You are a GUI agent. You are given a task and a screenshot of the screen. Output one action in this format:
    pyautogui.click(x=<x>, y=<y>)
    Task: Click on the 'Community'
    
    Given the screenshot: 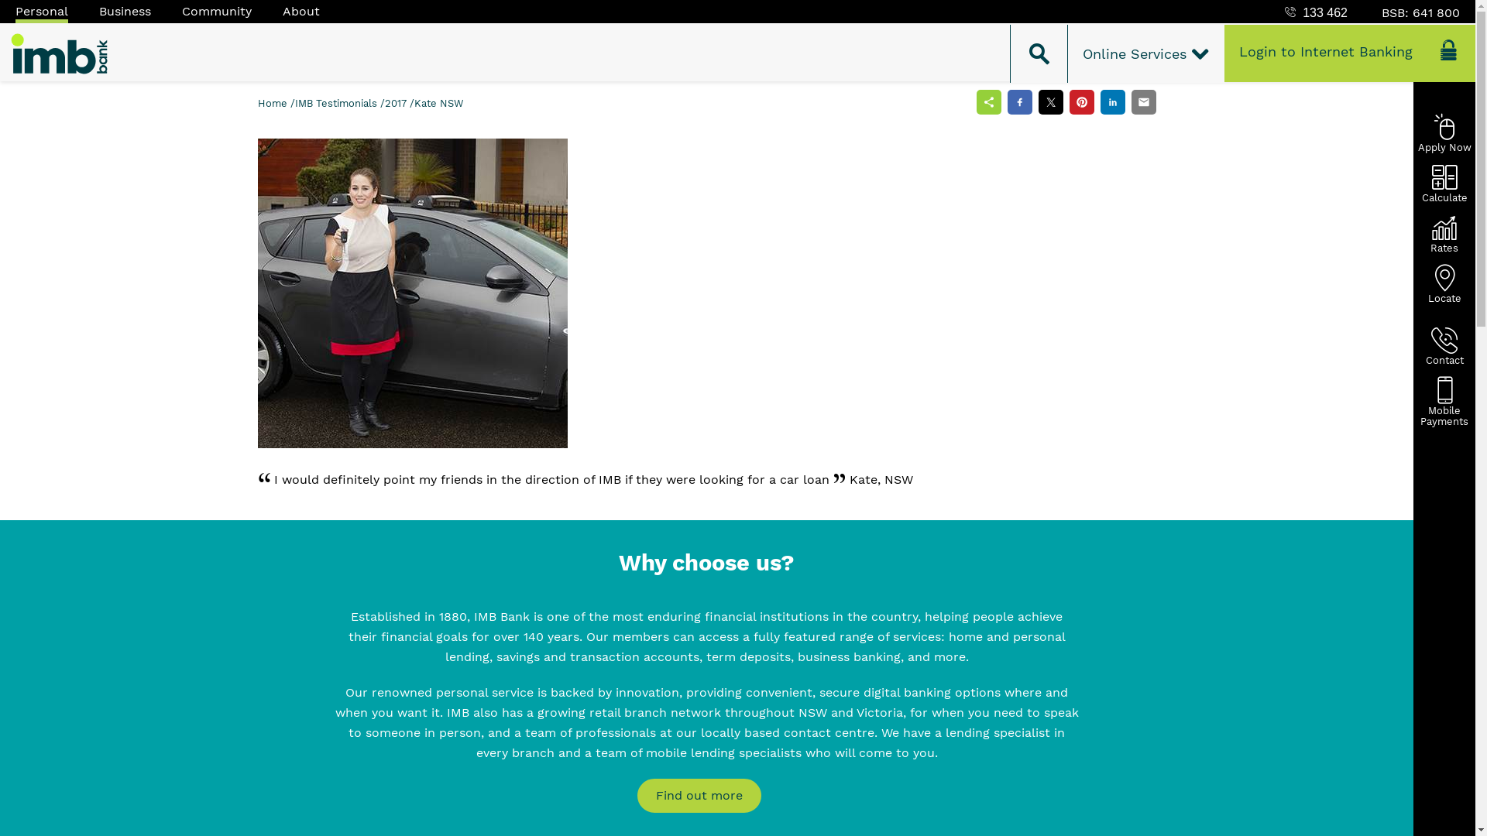 What is the action you would take?
    pyautogui.click(x=215, y=11)
    